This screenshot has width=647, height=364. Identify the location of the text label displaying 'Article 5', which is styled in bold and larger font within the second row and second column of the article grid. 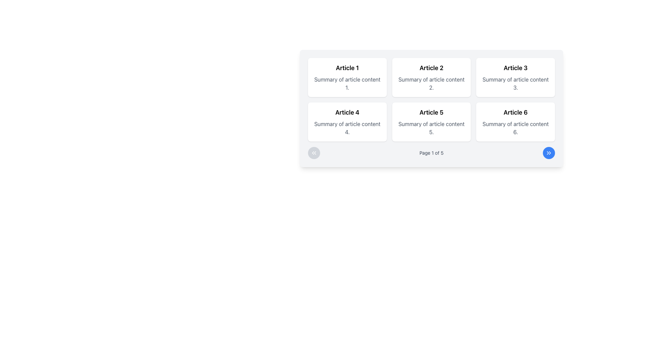
(431, 112).